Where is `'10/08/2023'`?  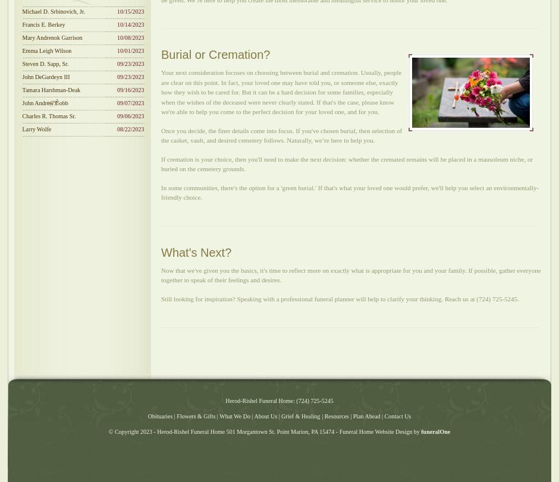 '10/08/2023' is located at coordinates (130, 37).